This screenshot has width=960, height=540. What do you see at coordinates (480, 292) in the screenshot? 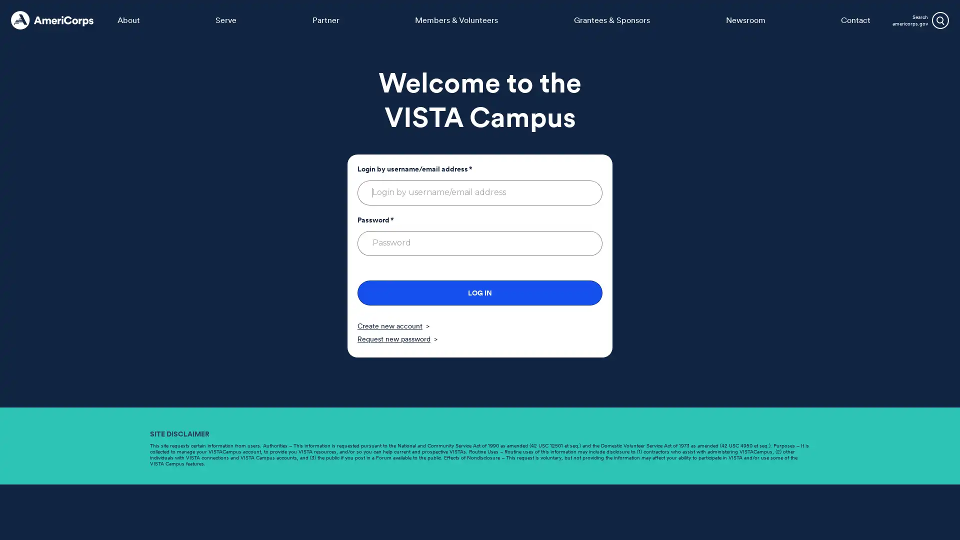
I see `Log in` at bounding box center [480, 292].